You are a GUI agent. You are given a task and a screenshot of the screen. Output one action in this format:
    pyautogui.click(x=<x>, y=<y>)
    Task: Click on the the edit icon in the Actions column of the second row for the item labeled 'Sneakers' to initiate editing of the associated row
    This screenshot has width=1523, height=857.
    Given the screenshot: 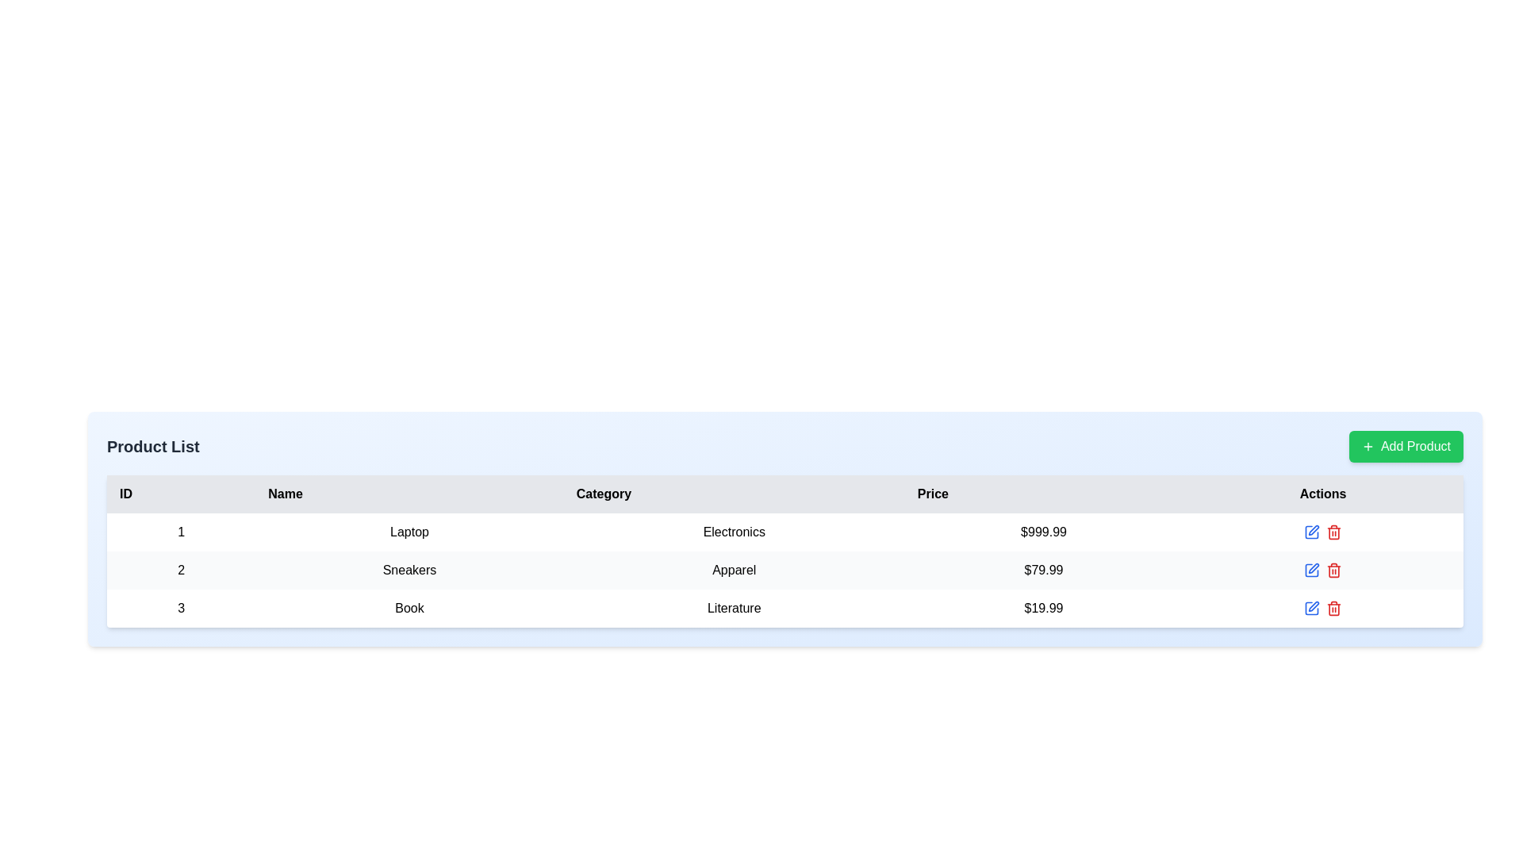 What is the action you would take?
    pyautogui.click(x=1312, y=569)
    